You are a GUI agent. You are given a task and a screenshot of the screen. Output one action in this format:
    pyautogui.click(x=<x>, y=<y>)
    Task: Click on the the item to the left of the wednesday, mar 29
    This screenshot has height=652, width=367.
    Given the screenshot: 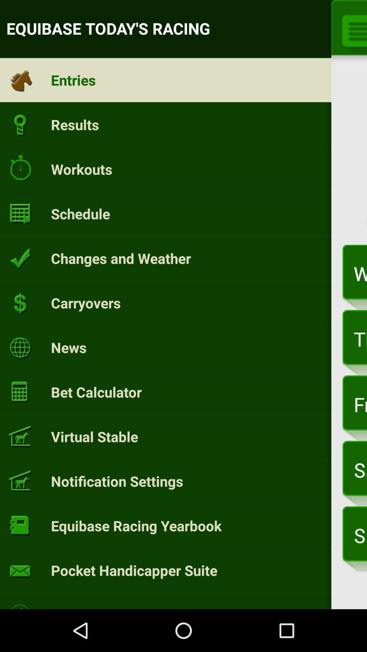 What is the action you would take?
    pyautogui.click(x=120, y=258)
    